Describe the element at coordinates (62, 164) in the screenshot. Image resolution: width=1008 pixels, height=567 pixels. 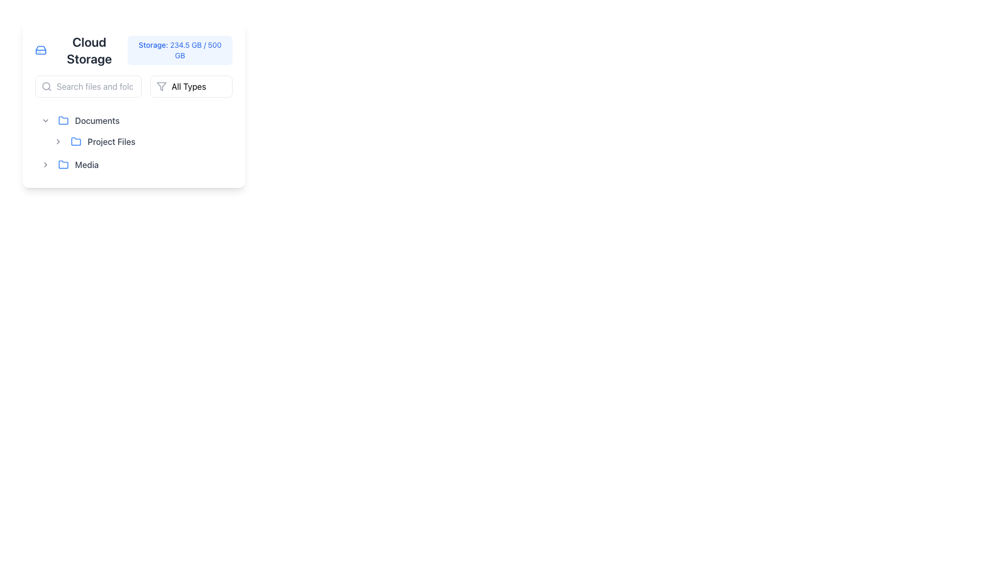
I see `the blue folder icon located to the left of the 'Media' text` at that location.